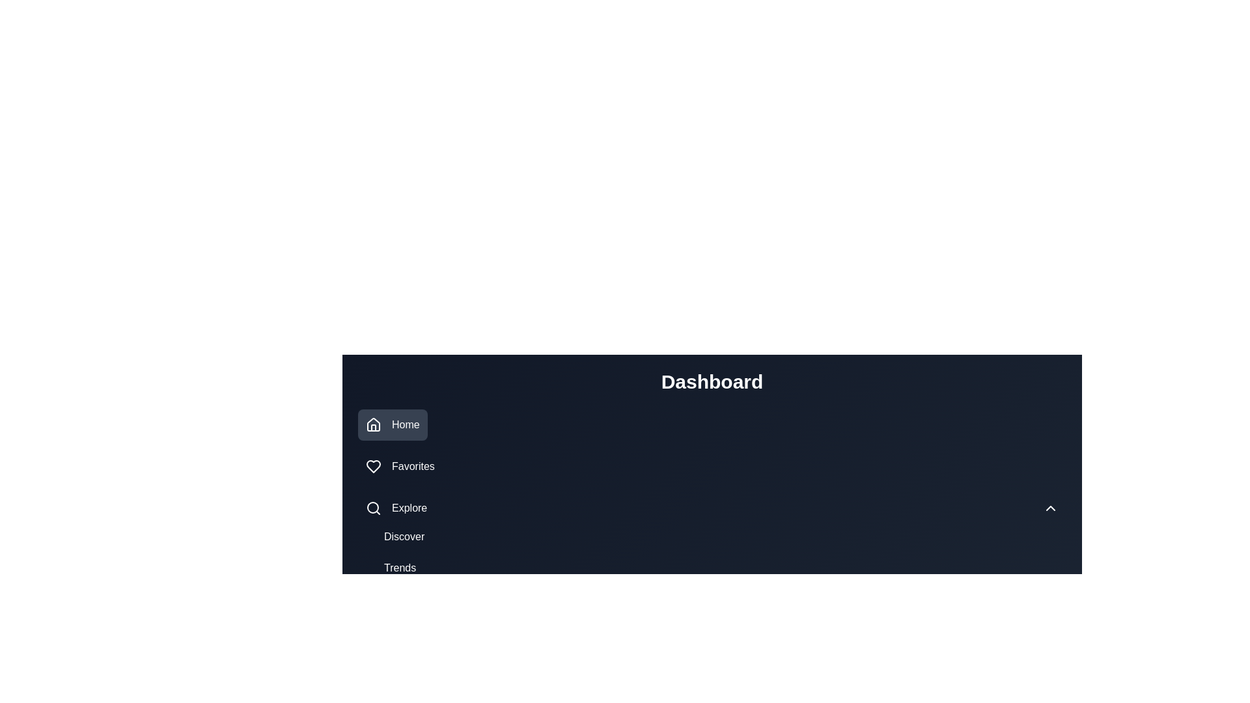  Describe the element at coordinates (399, 567) in the screenshot. I see `the 'Trends' text label in the vertical menu below the 'Discover' label` at that location.